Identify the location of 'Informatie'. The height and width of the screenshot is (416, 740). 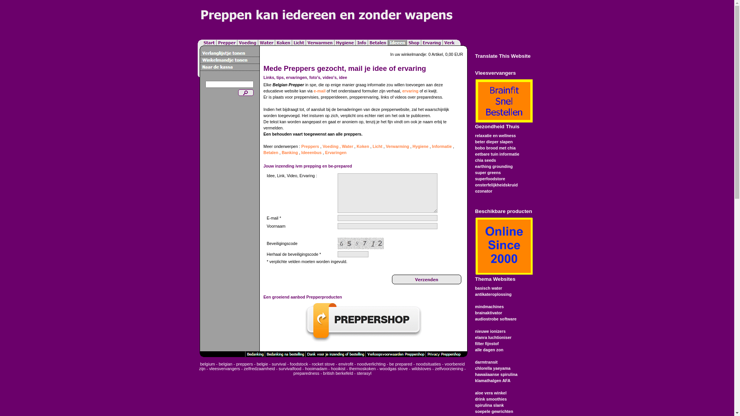
(442, 146).